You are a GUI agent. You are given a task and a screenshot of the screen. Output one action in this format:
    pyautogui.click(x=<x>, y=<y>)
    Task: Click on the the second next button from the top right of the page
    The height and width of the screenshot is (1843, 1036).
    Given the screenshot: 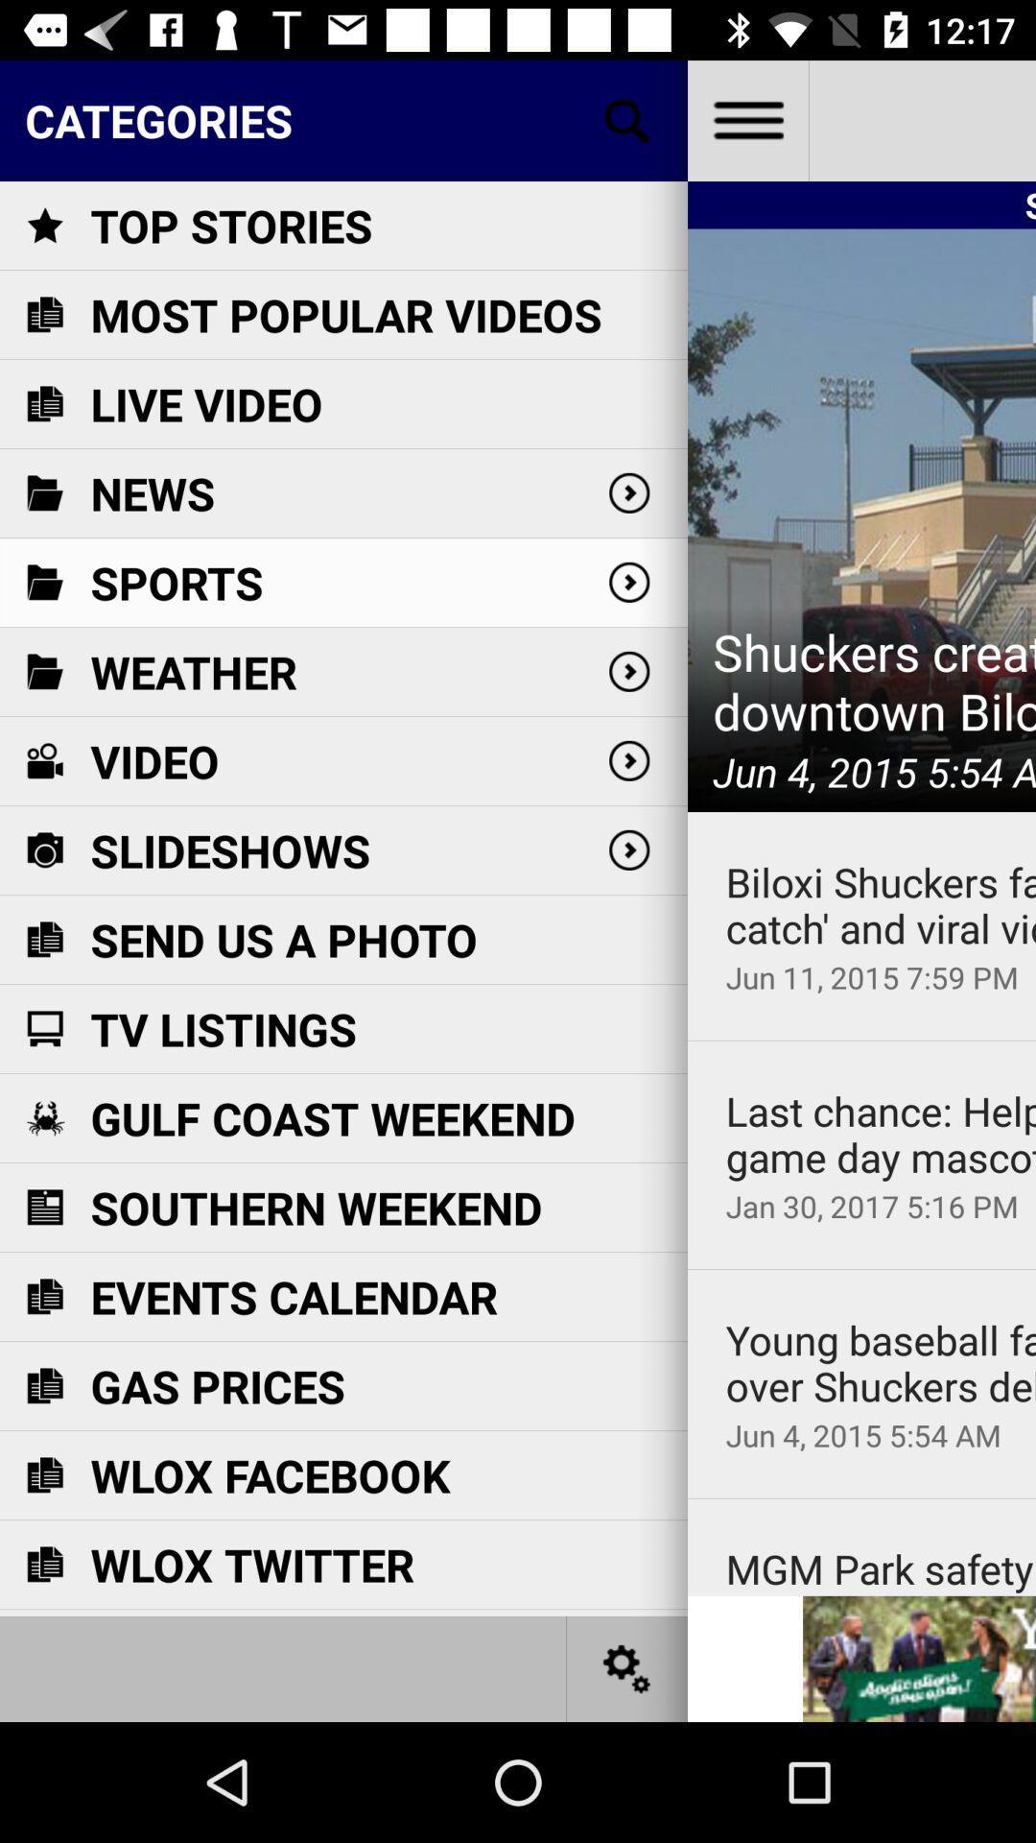 What is the action you would take?
    pyautogui.click(x=628, y=581)
    